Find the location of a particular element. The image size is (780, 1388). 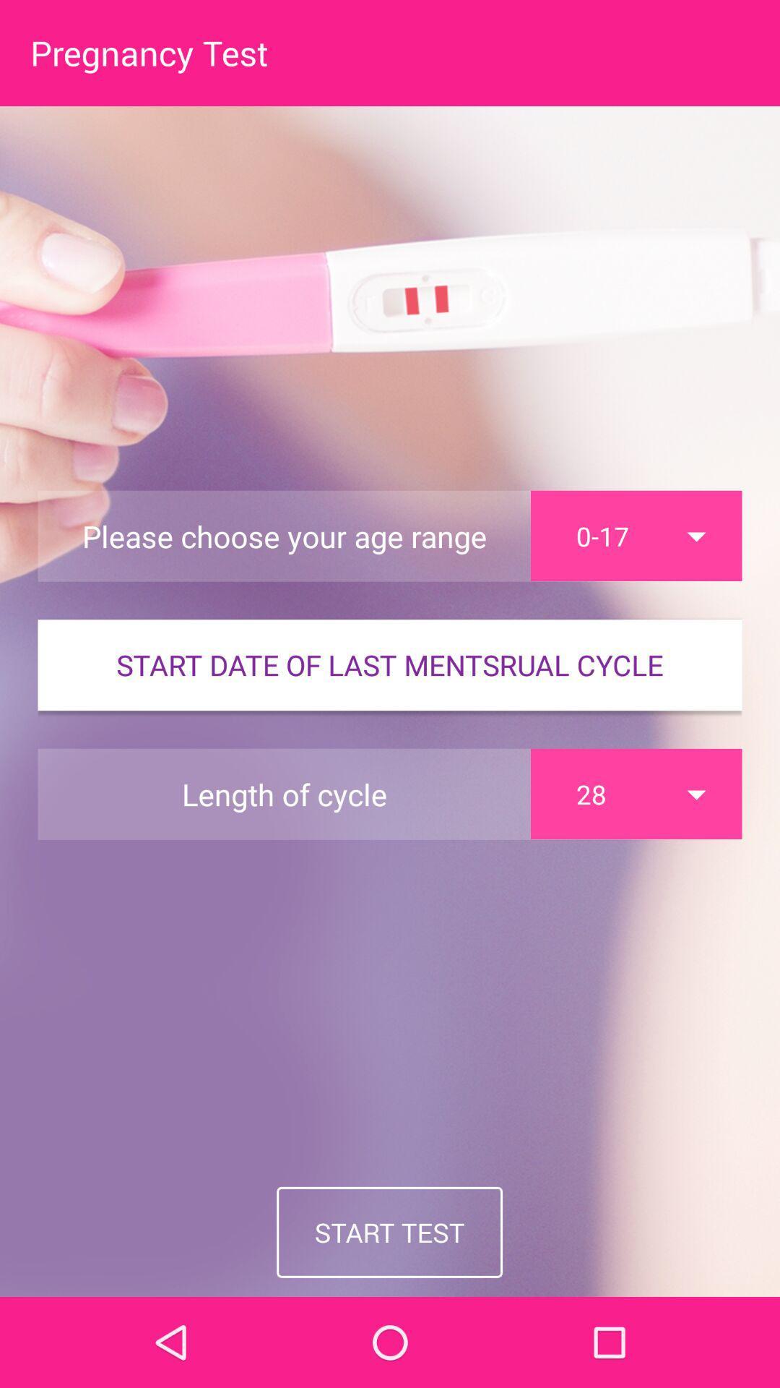

the item below length of cycle icon is located at coordinates (389, 1231).